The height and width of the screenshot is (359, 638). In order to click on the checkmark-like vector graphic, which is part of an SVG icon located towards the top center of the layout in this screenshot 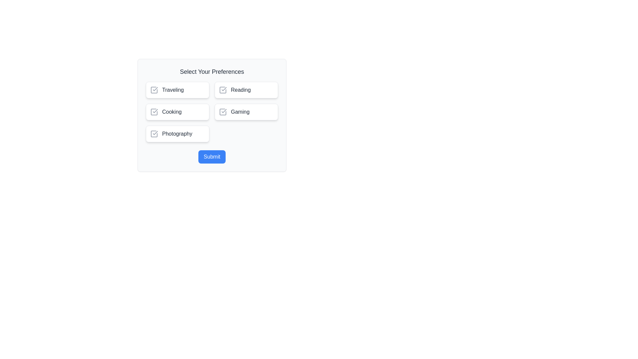, I will do `click(155, 88)`.